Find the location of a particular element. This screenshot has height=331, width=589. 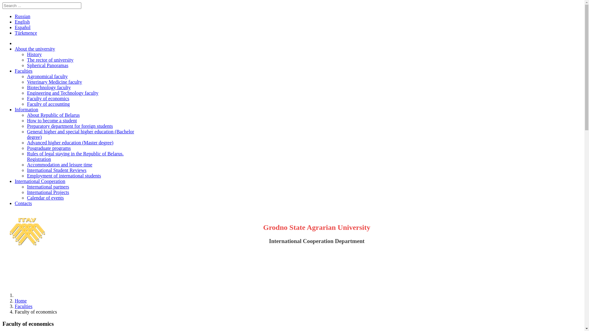

'Preparatory department for foreign students' is located at coordinates (70, 126).